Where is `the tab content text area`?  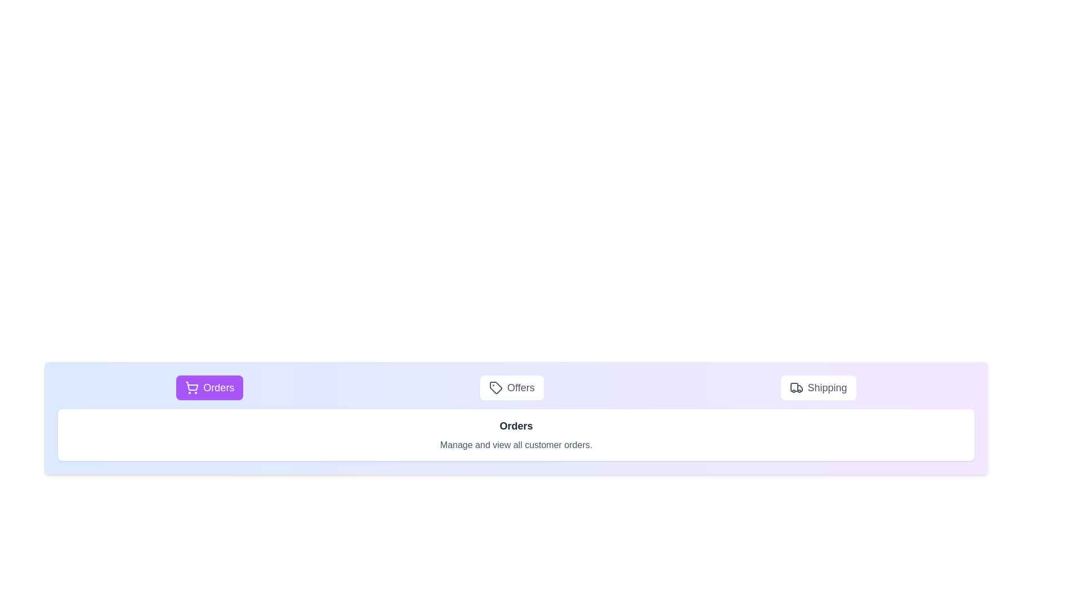 the tab content text area is located at coordinates (515, 434).